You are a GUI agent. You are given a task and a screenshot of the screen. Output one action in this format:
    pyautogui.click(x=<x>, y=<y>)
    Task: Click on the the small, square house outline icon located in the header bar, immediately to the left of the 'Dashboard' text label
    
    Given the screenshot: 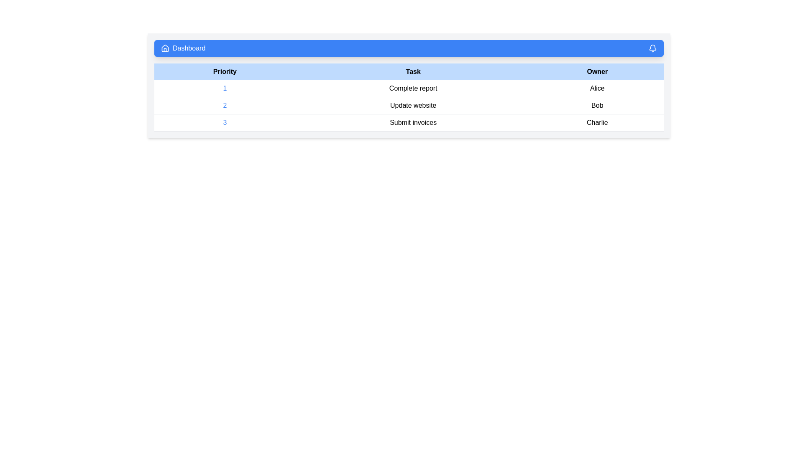 What is the action you would take?
    pyautogui.click(x=165, y=48)
    